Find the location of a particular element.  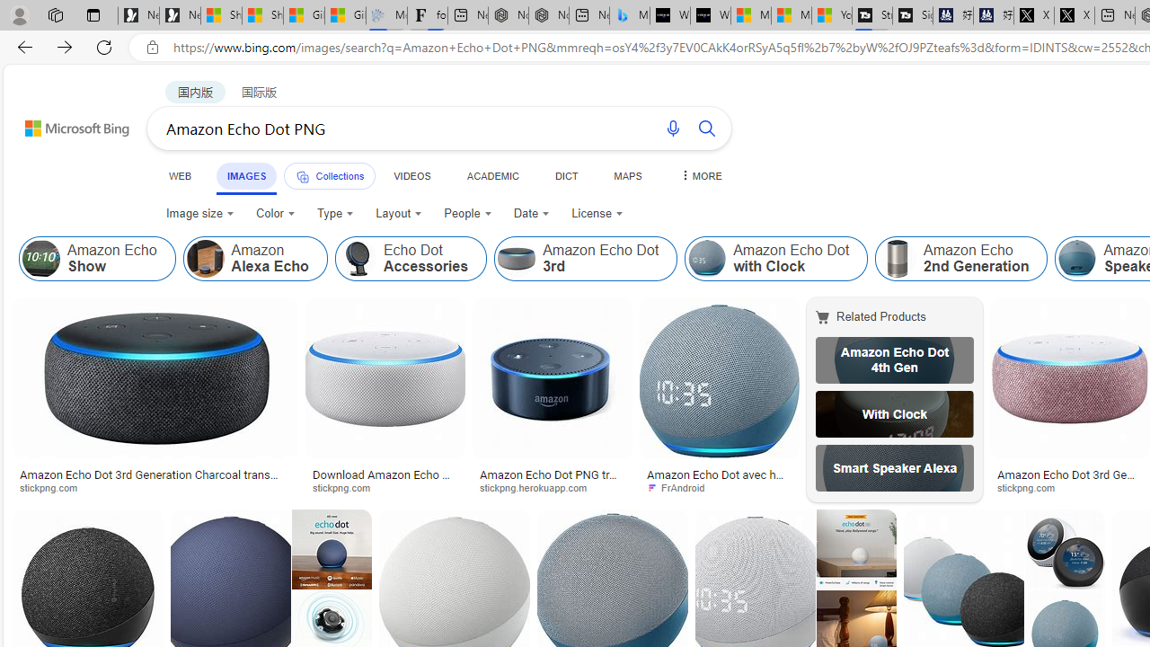

'Amazon Echo Dot 4th Gen' is located at coordinates (894, 360).